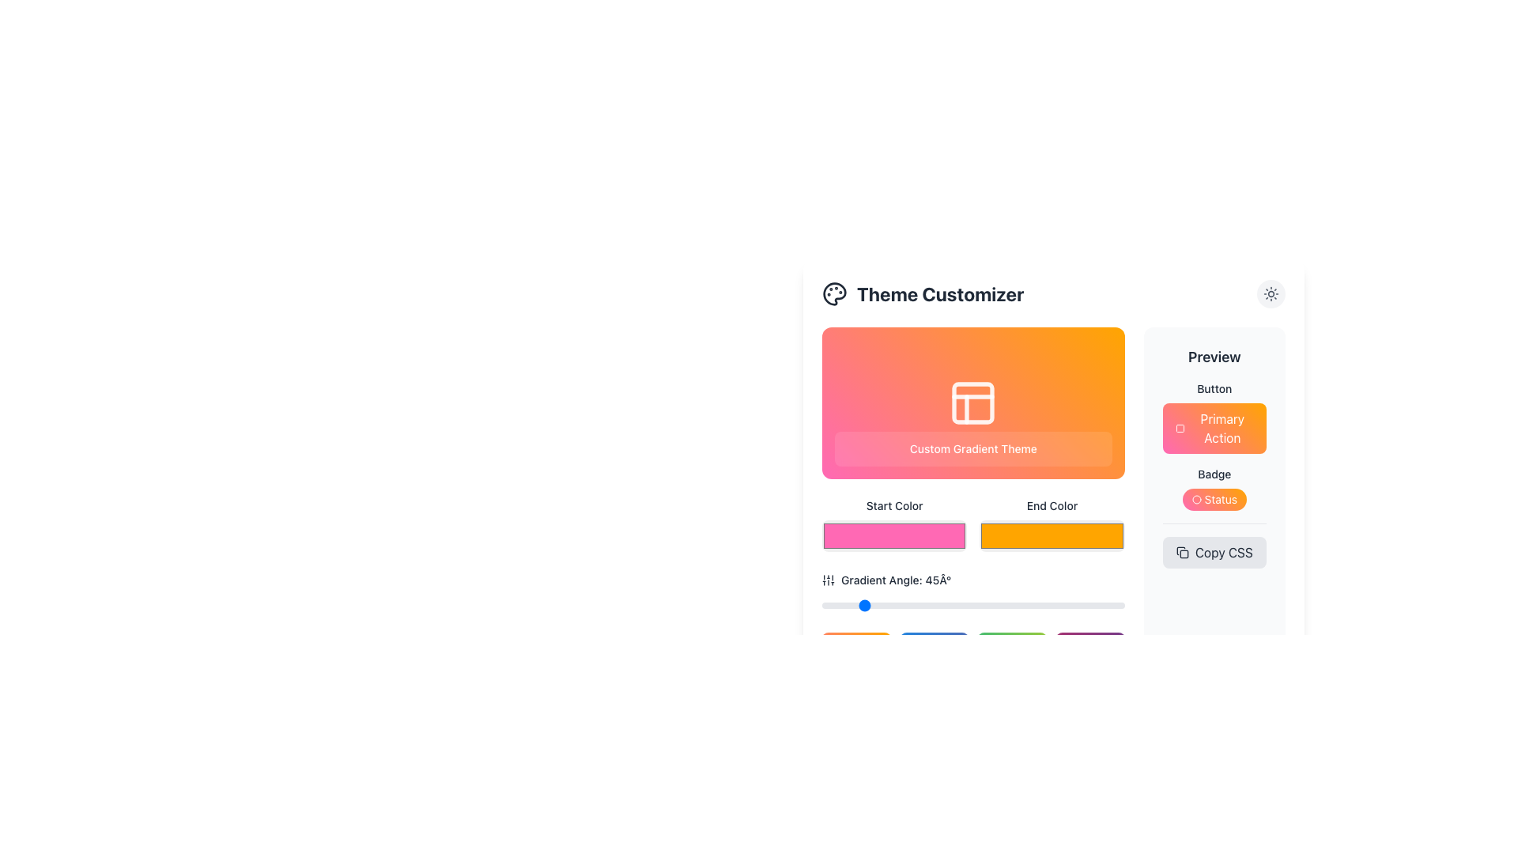 The image size is (1518, 854). What do you see at coordinates (894, 506) in the screenshot?
I see `the 'Start Color' label, a non-interactive text element in bold, medium-sized font, located in the 'Theme Customizer' panel, above the color-picker input field` at bounding box center [894, 506].